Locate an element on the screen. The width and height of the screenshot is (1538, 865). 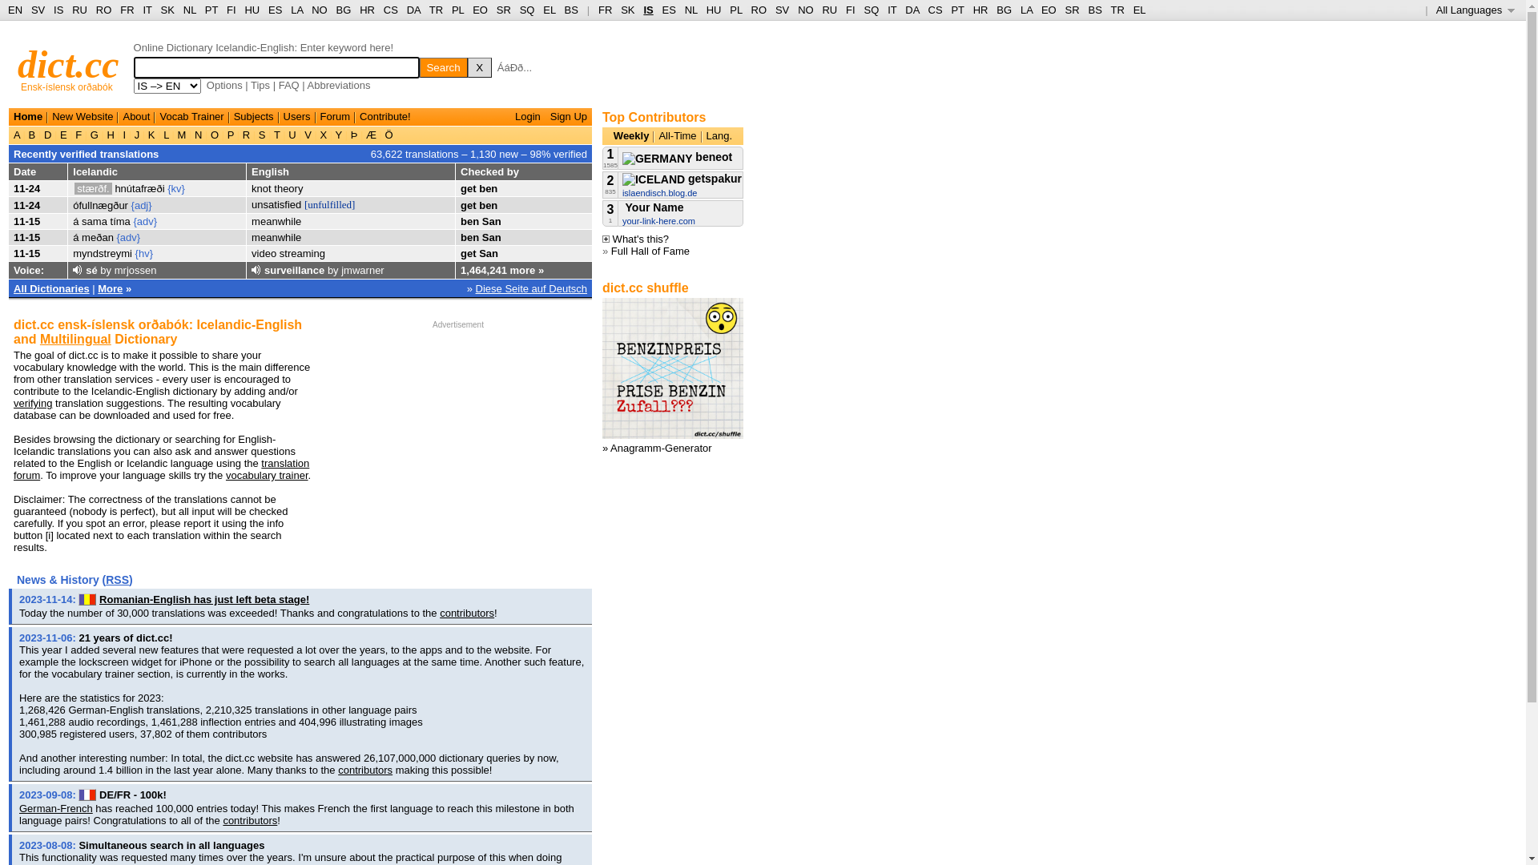
'Forum' is located at coordinates (320, 115).